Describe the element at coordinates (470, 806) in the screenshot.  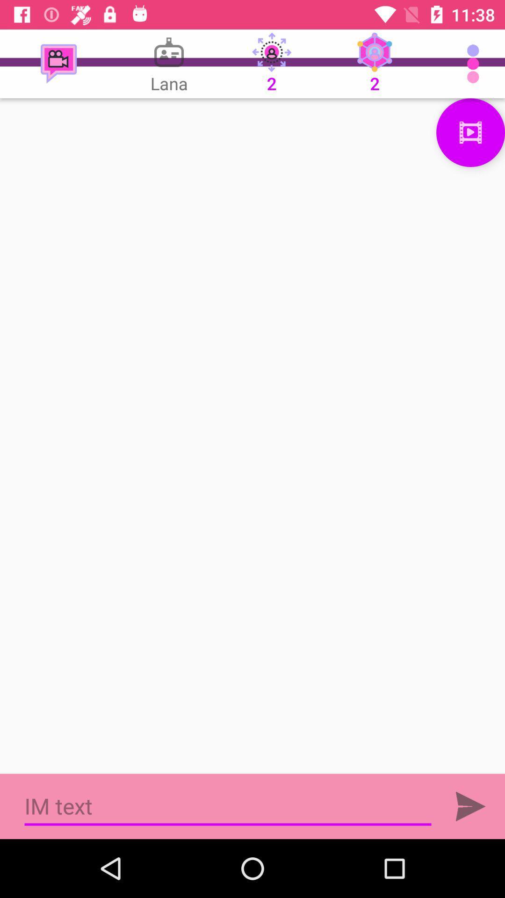
I see `play` at that location.